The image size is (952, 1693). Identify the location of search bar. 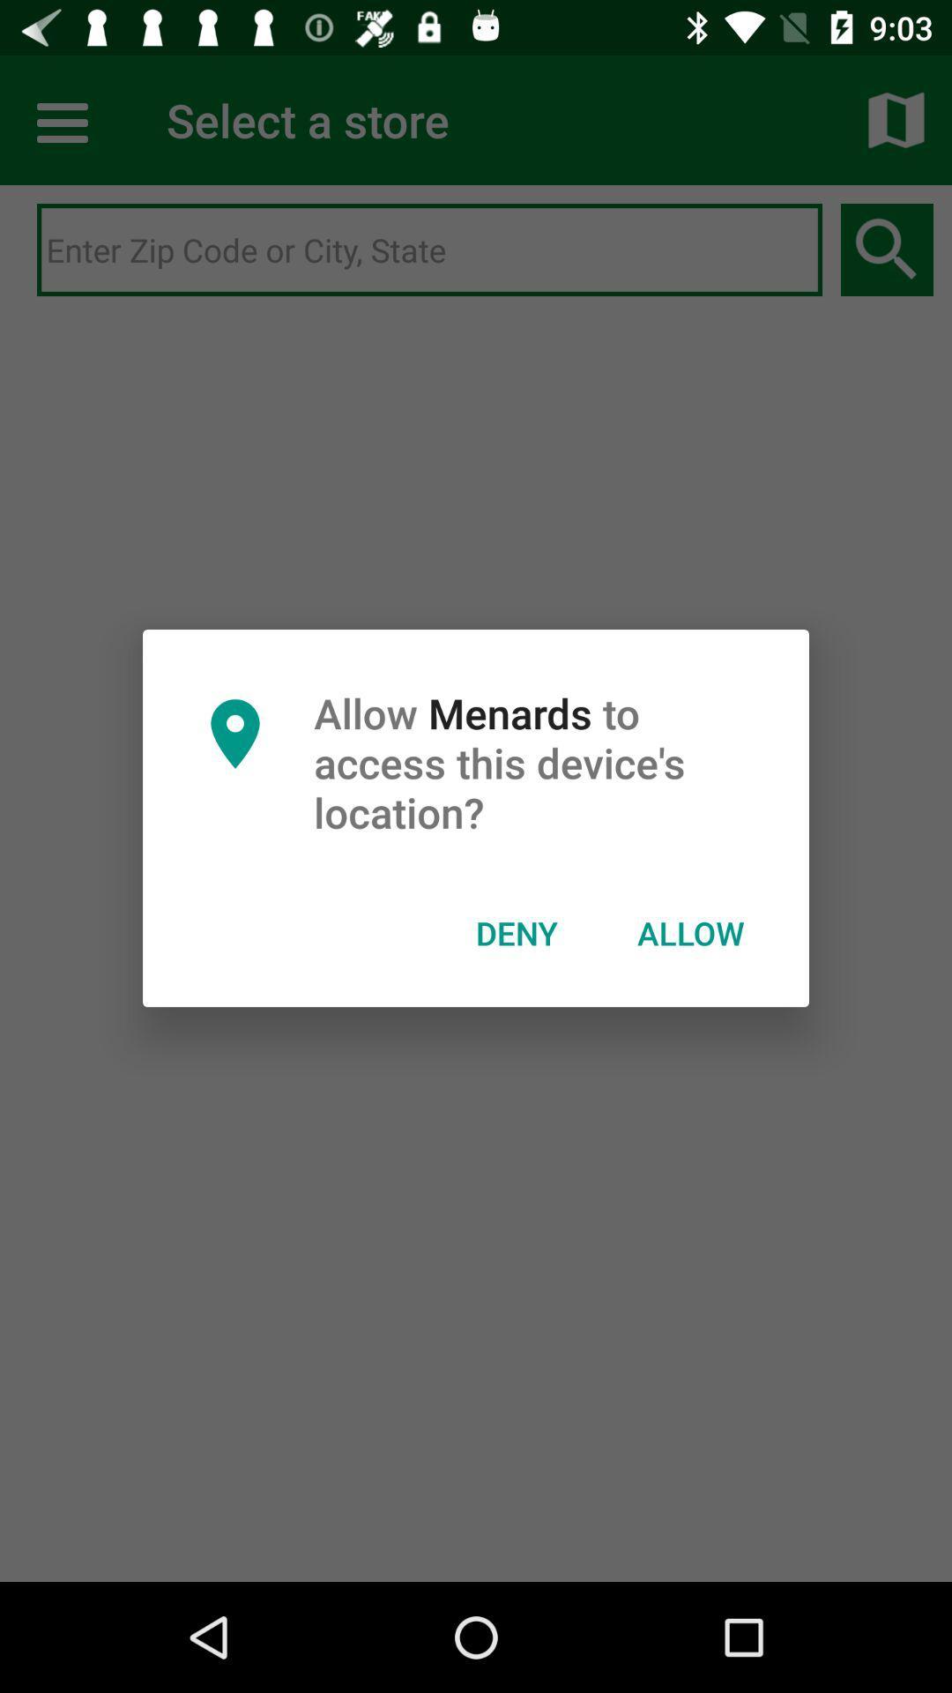
(429, 250).